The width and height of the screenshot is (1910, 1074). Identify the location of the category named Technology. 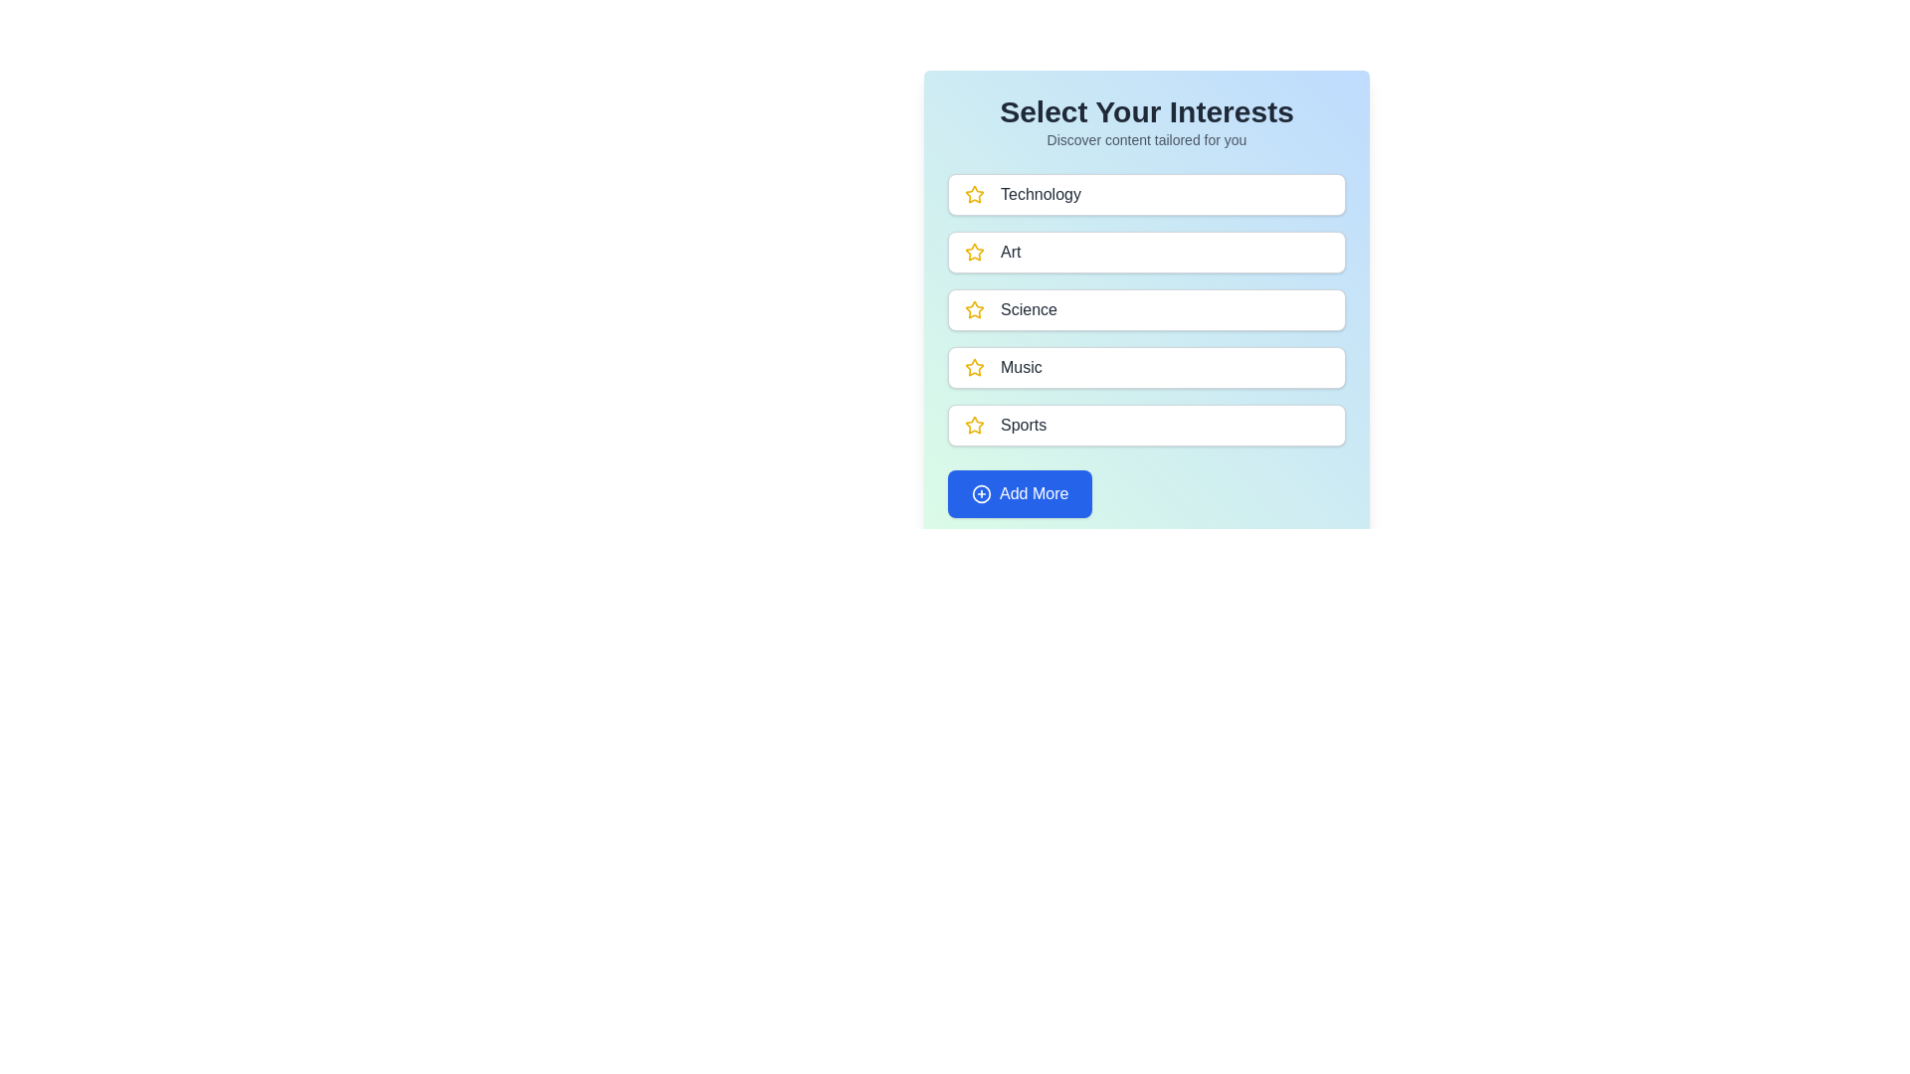
(1146, 195).